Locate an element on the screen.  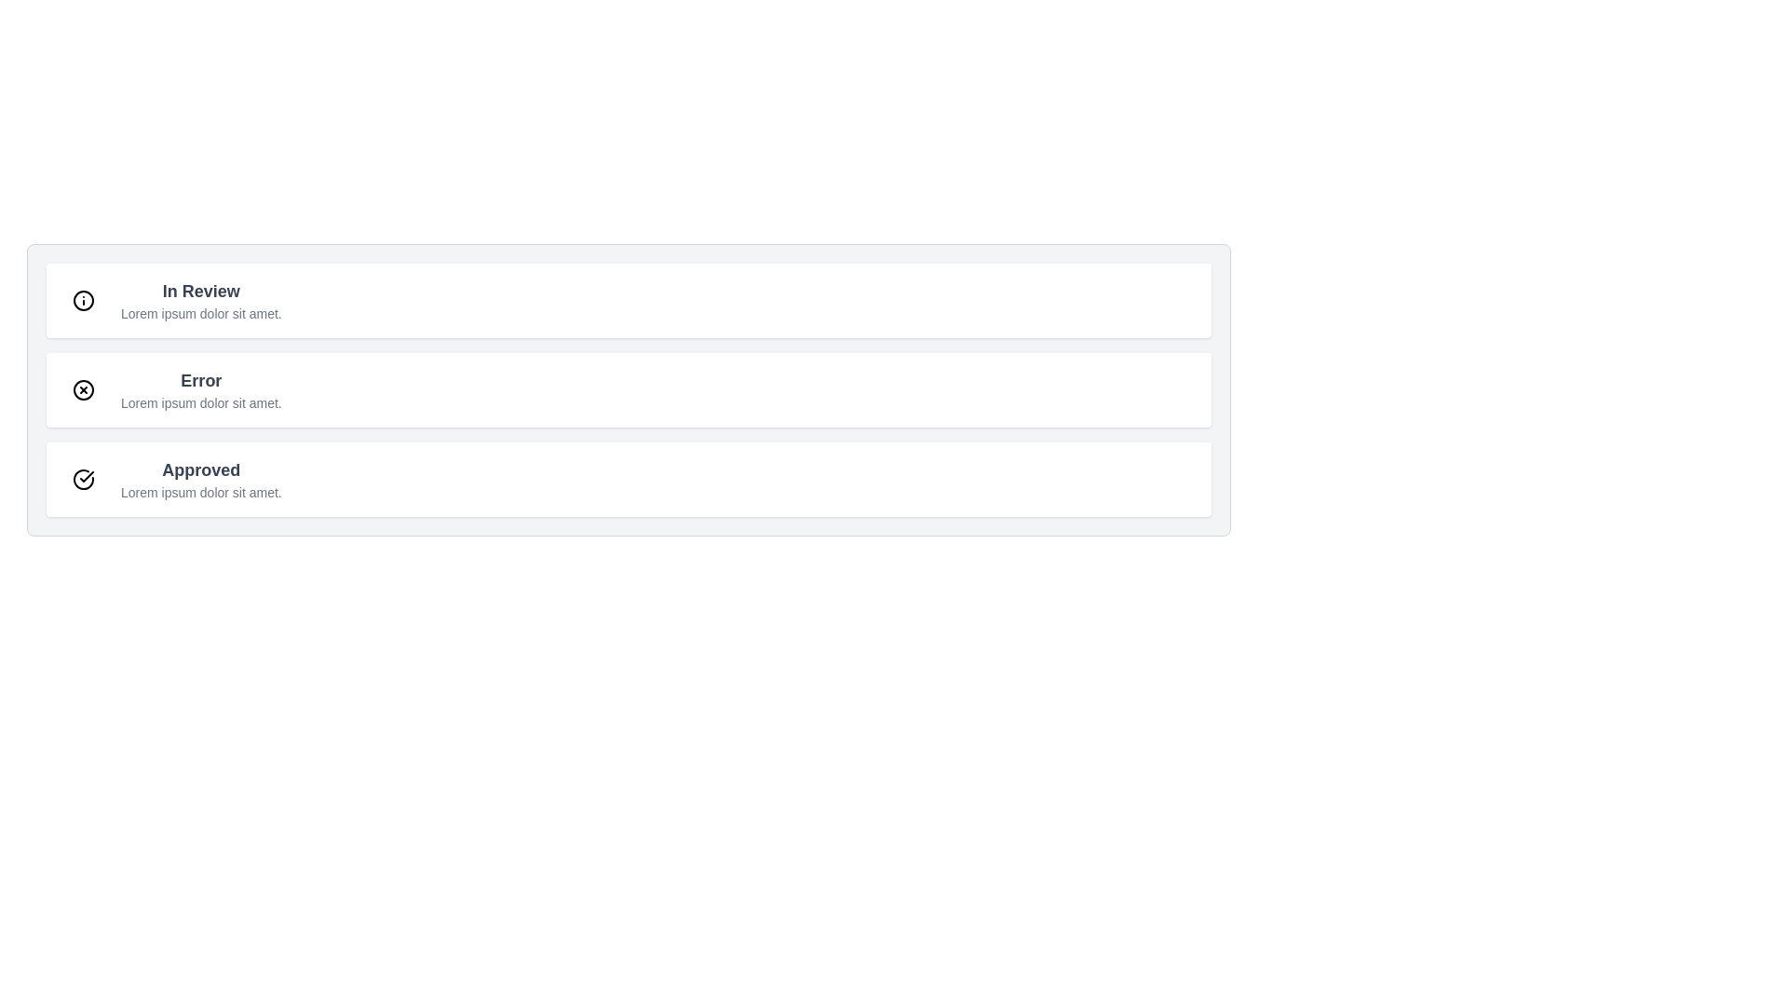
the Text Block that conveys the status message 'In Review', positioned centrally and to the right of an orange icon is located at coordinates (201, 300).